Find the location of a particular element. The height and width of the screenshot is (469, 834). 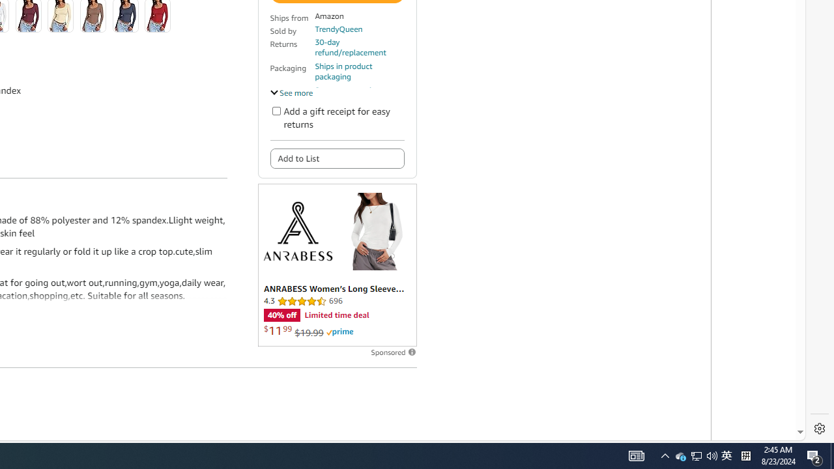

'Ships in product packaging' is located at coordinates (359, 72).